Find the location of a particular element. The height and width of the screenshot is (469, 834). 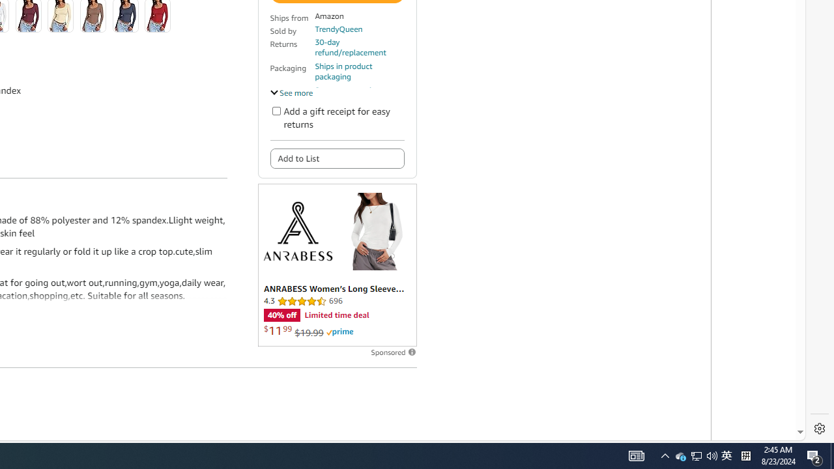

'Ships in product packaging' is located at coordinates (359, 72).